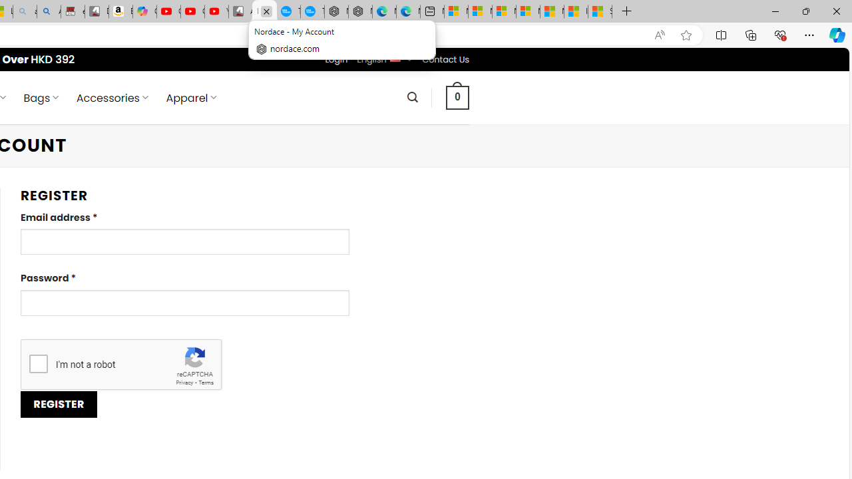 Image resolution: width=852 pixels, height=479 pixels. Describe the element at coordinates (336, 59) in the screenshot. I see `'Login'` at that location.